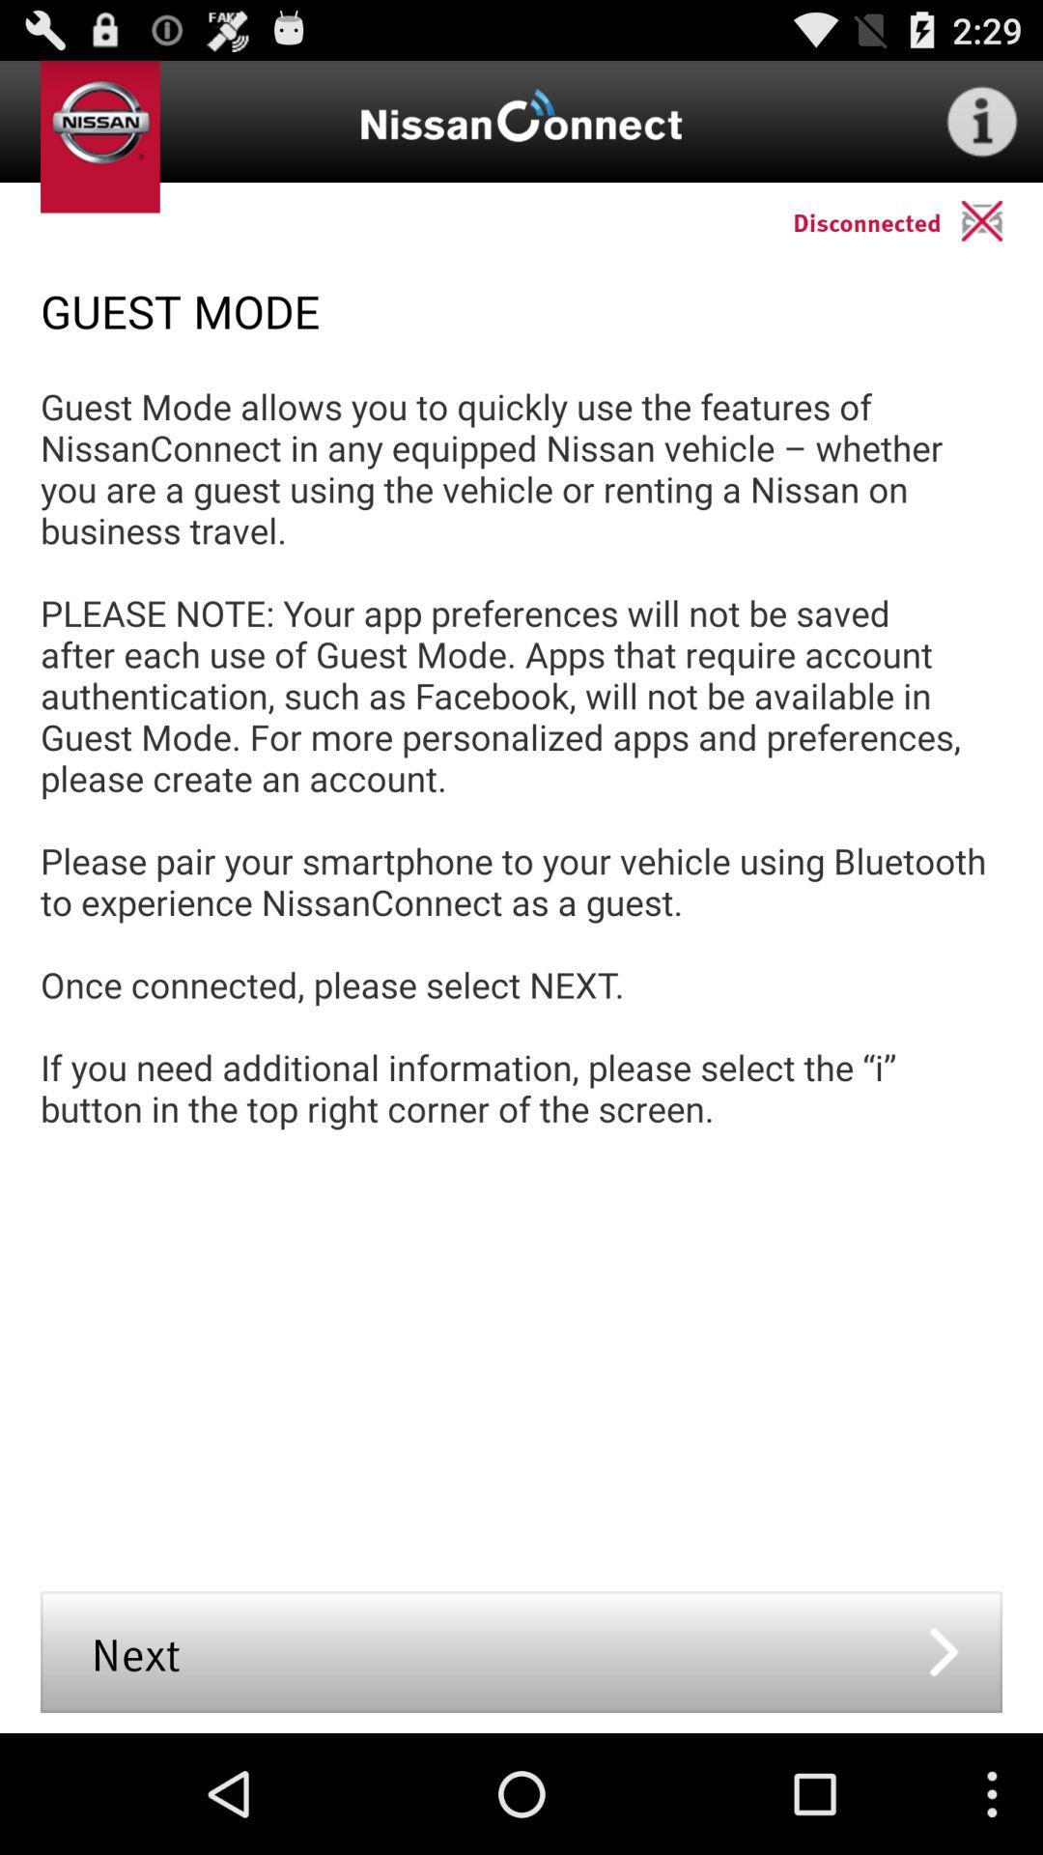 The image size is (1043, 1855). What do you see at coordinates (982, 128) in the screenshot?
I see `the info icon` at bounding box center [982, 128].